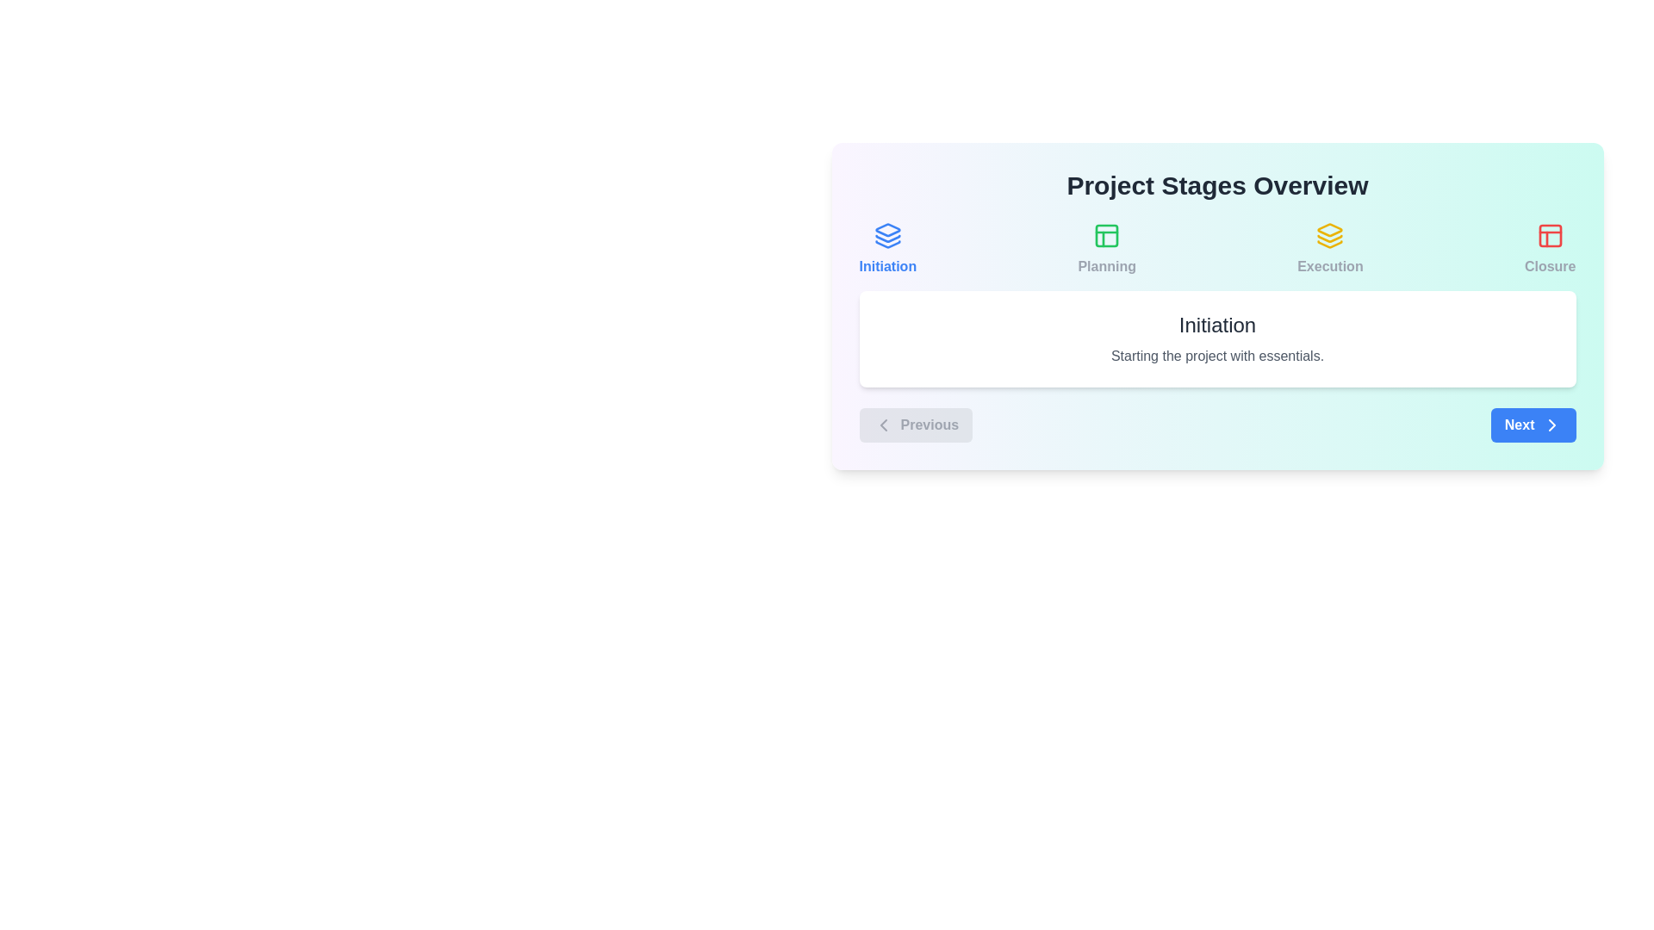 The width and height of the screenshot is (1654, 930). I want to click on the centered, bold title text reading 'Project Stages Overview' located at the top of the card, so click(1216, 186).